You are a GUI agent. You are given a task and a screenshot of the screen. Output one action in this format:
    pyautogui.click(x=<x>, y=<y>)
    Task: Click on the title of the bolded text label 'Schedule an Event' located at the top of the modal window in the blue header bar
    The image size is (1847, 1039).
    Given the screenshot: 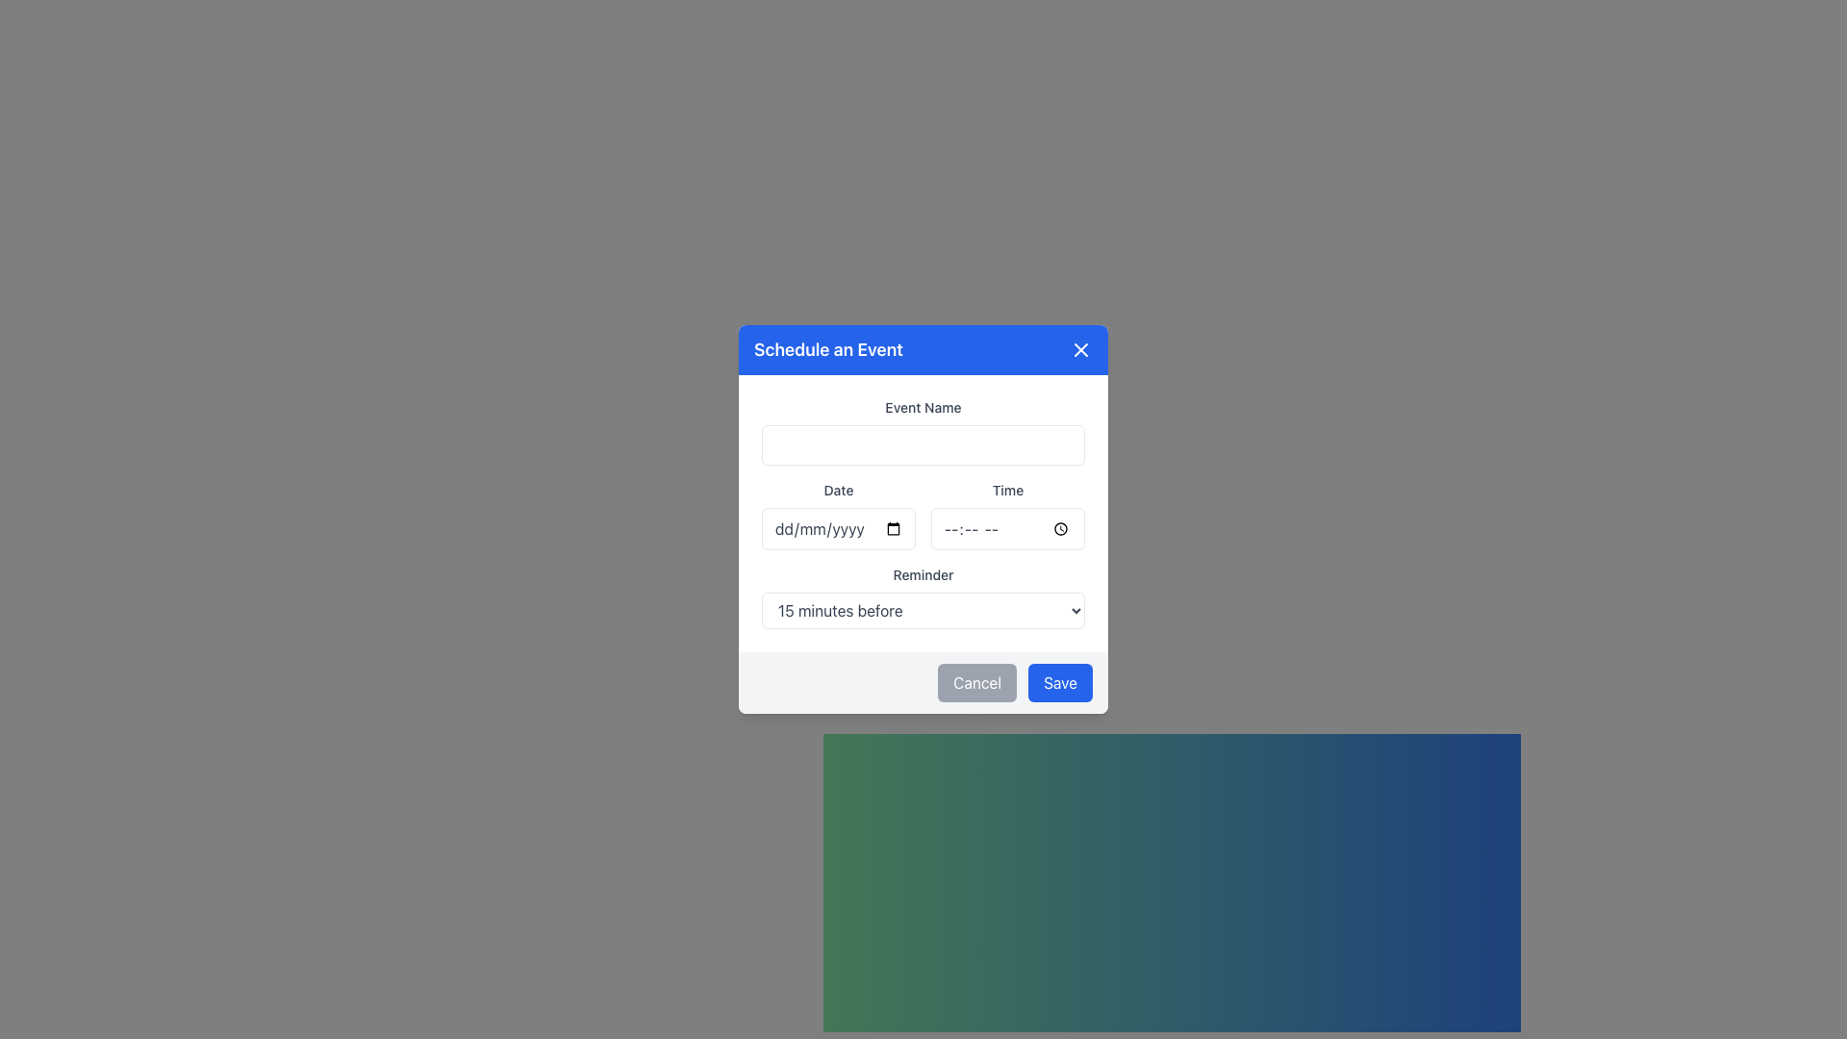 What is the action you would take?
    pyautogui.click(x=828, y=349)
    